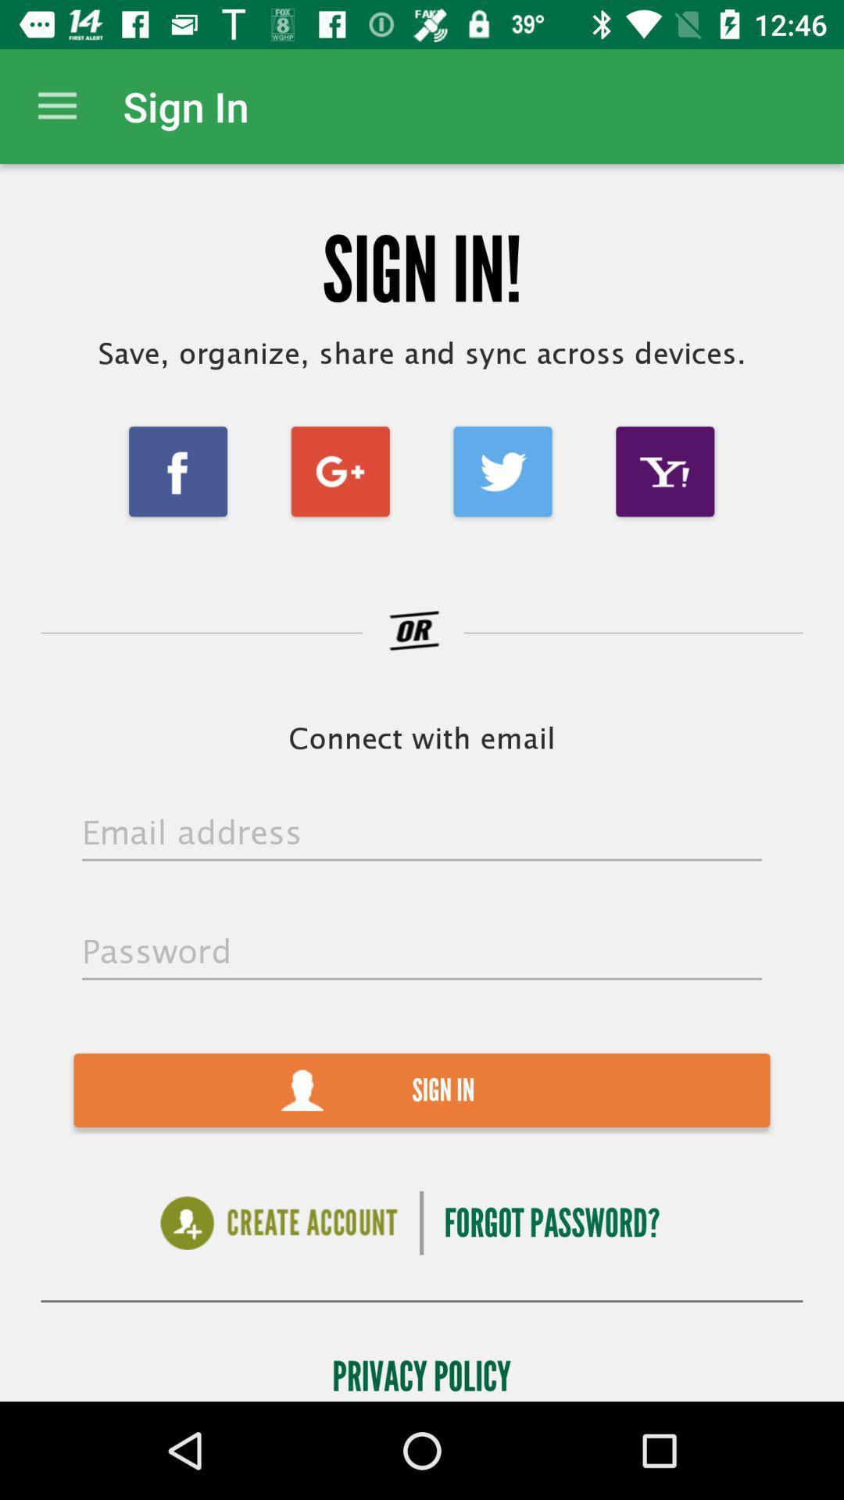 The image size is (844, 1500). What do you see at coordinates (502, 470) in the screenshot?
I see `the twitter icon` at bounding box center [502, 470].